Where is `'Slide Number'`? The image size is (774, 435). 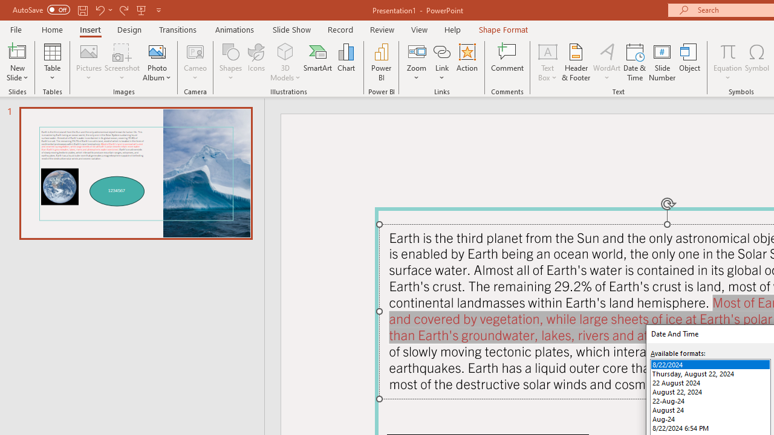
'Slide Number' is located at coordinates (662, 62).